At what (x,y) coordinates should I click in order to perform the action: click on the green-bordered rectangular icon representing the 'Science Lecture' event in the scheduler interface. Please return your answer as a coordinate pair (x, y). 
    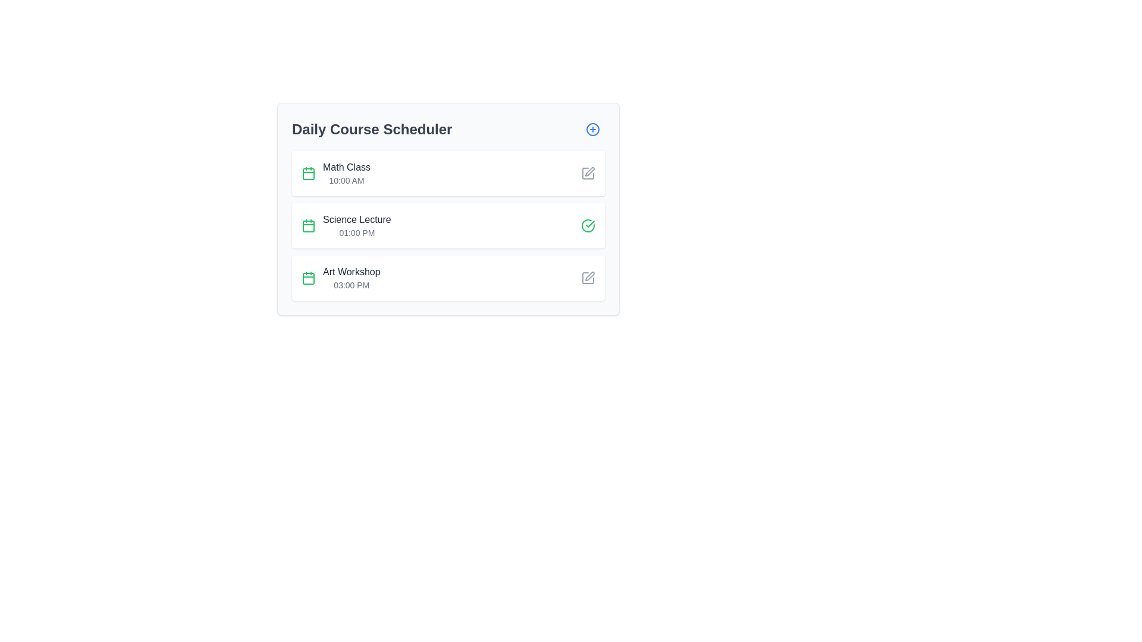
    Looking at the image, I should click on (308, 174).